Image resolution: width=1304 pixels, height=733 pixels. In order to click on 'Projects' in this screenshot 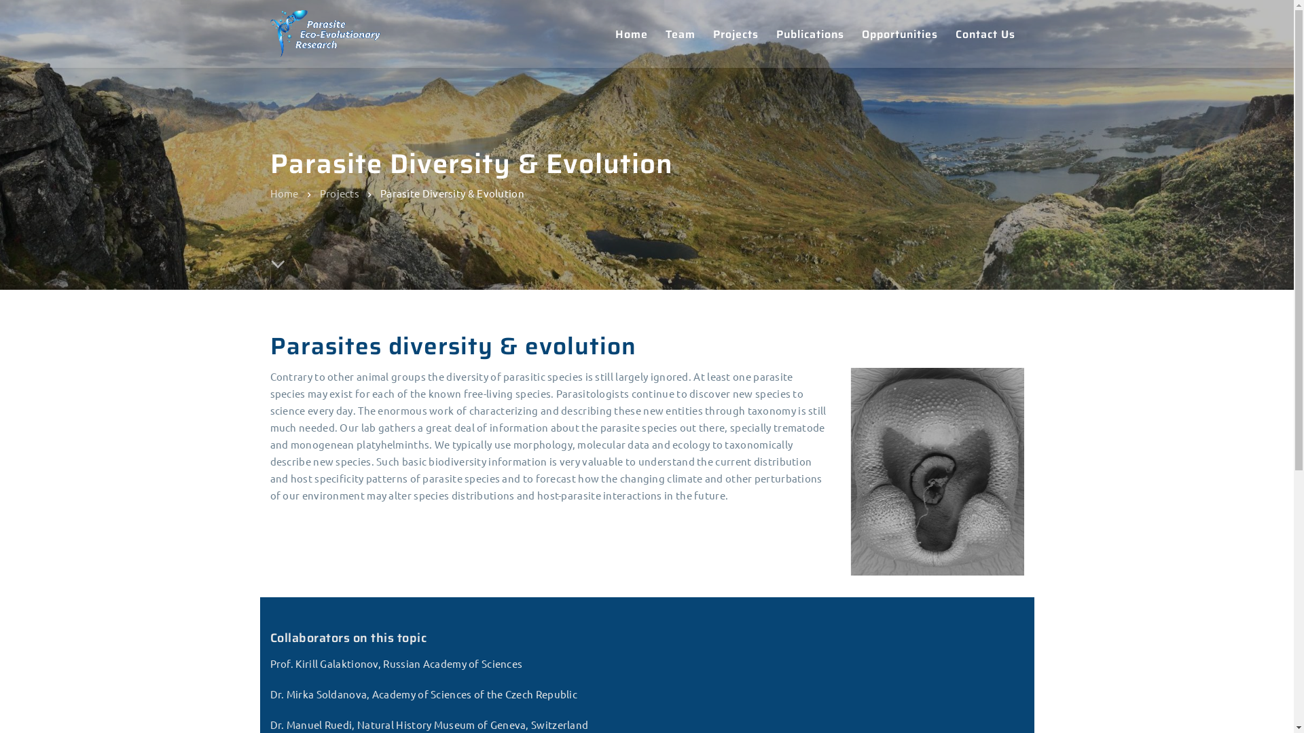, I will do `click(560, 559)`.